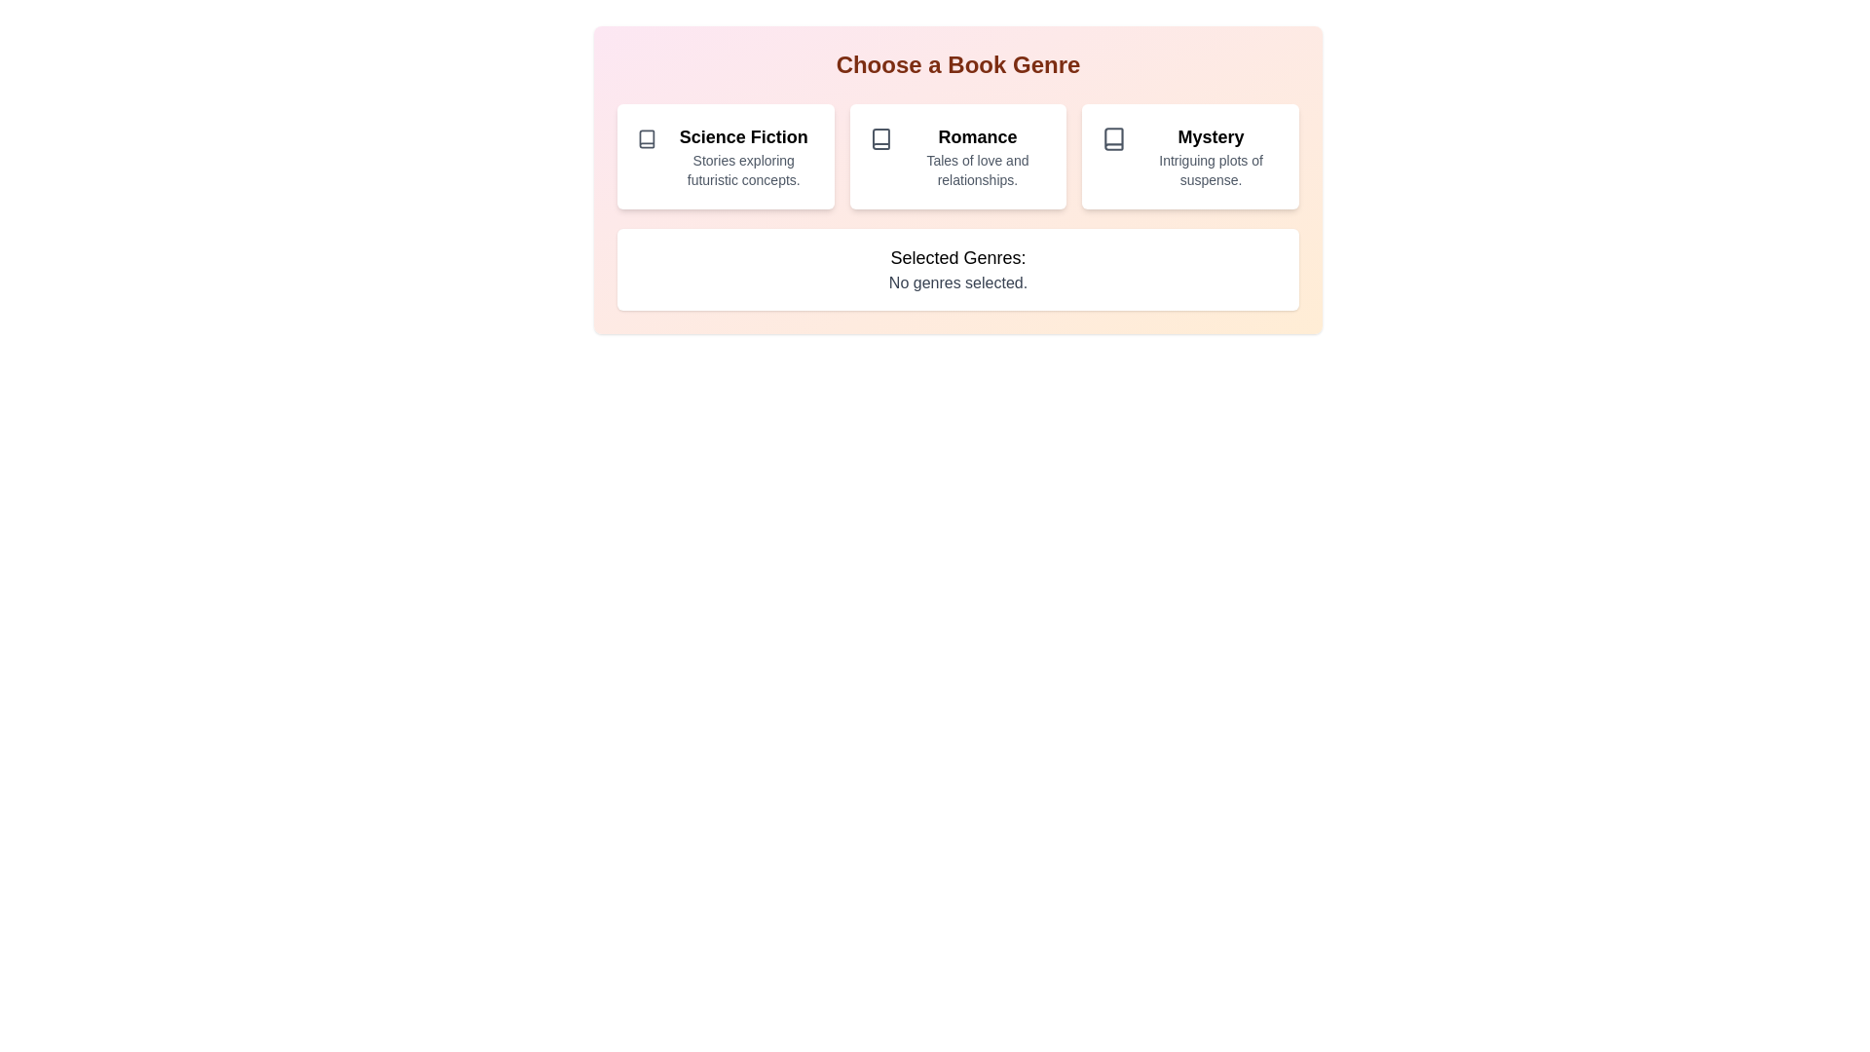  Describe the element at coordinates (957, 270) in the screenshot. I see `the text display box that contains the text 'Selected Genres:' and 'No genres selected.' with a white background and rounded corners` at that location.